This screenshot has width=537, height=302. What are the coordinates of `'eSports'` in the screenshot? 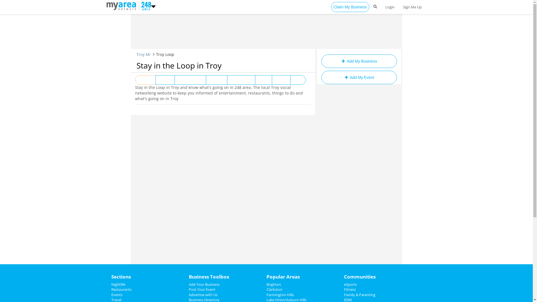 It's located at (350, 284).